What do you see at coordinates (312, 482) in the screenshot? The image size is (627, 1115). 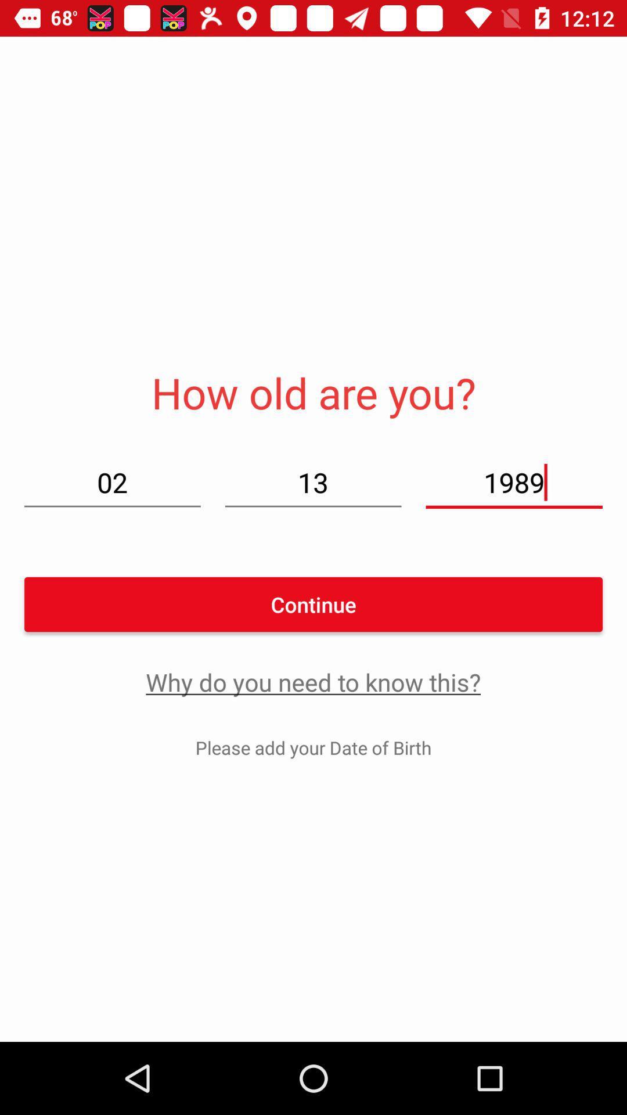 I see `13` at bounding box center [312, 482].